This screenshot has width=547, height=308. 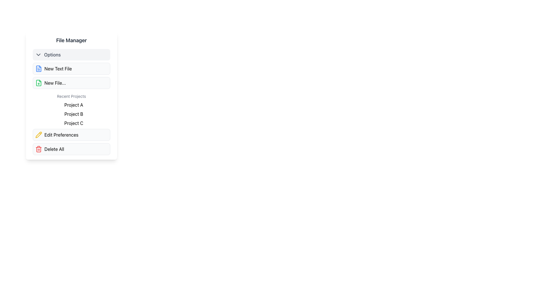 What do you see at coordinates (71, 135) in the screenshot?
I see `the sixth button in the 'File Manager' interface, located below the 'Recent Projects' section and above the 'Delete All' button` at bounding box center [71, 135].